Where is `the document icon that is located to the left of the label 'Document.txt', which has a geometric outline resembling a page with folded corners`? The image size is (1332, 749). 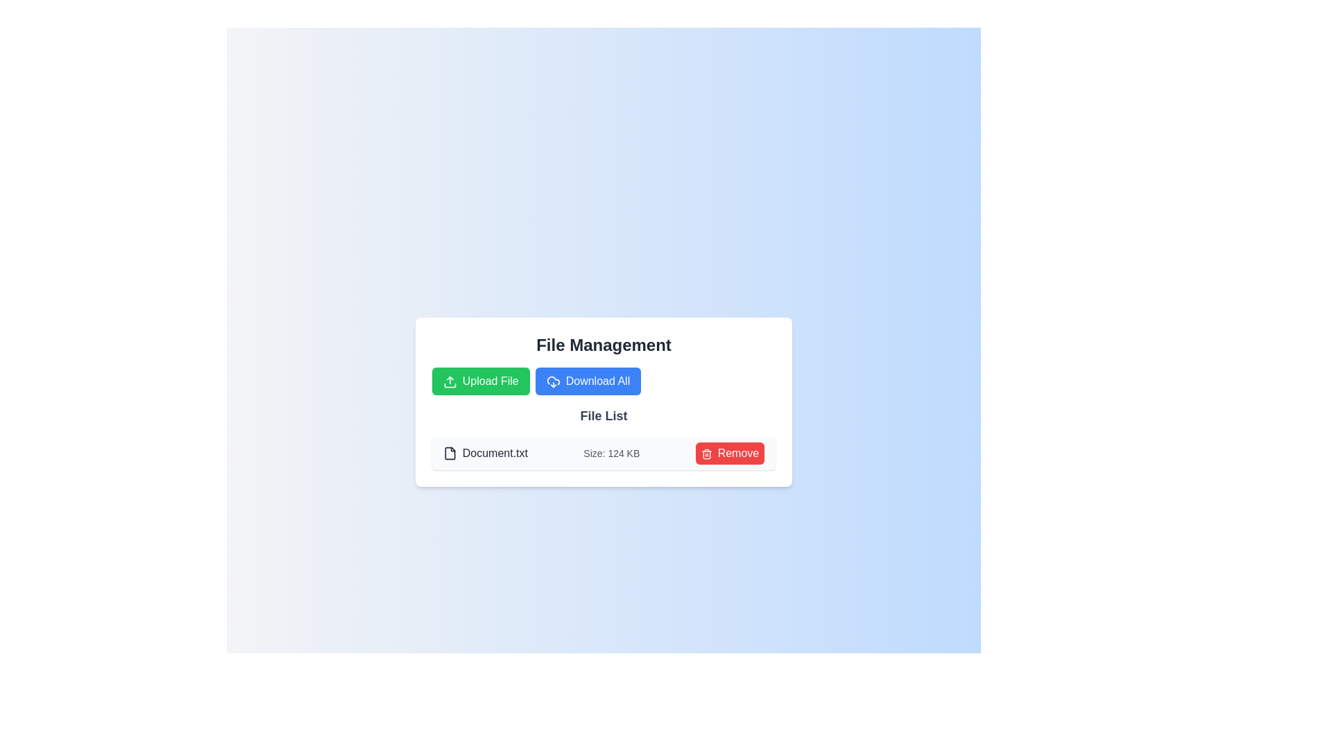 the document icon that is located to the left of the label 'Document.txt', which has a geometric outline resembling a page with folded corners is located at coordinates (450, 454).